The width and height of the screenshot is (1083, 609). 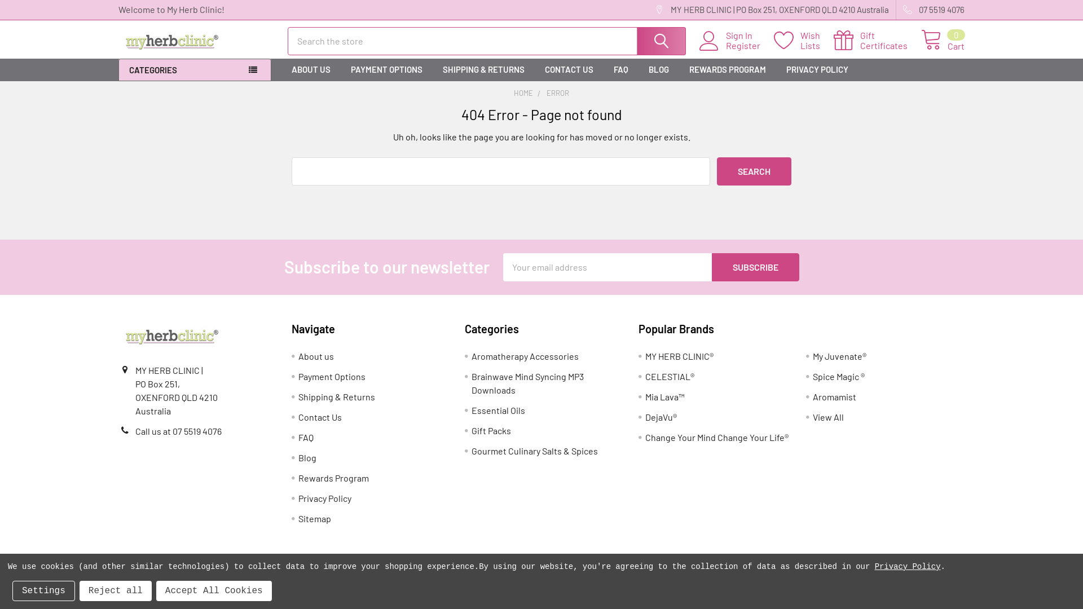 I want to click on 'About us', so click(x=316, y=356).